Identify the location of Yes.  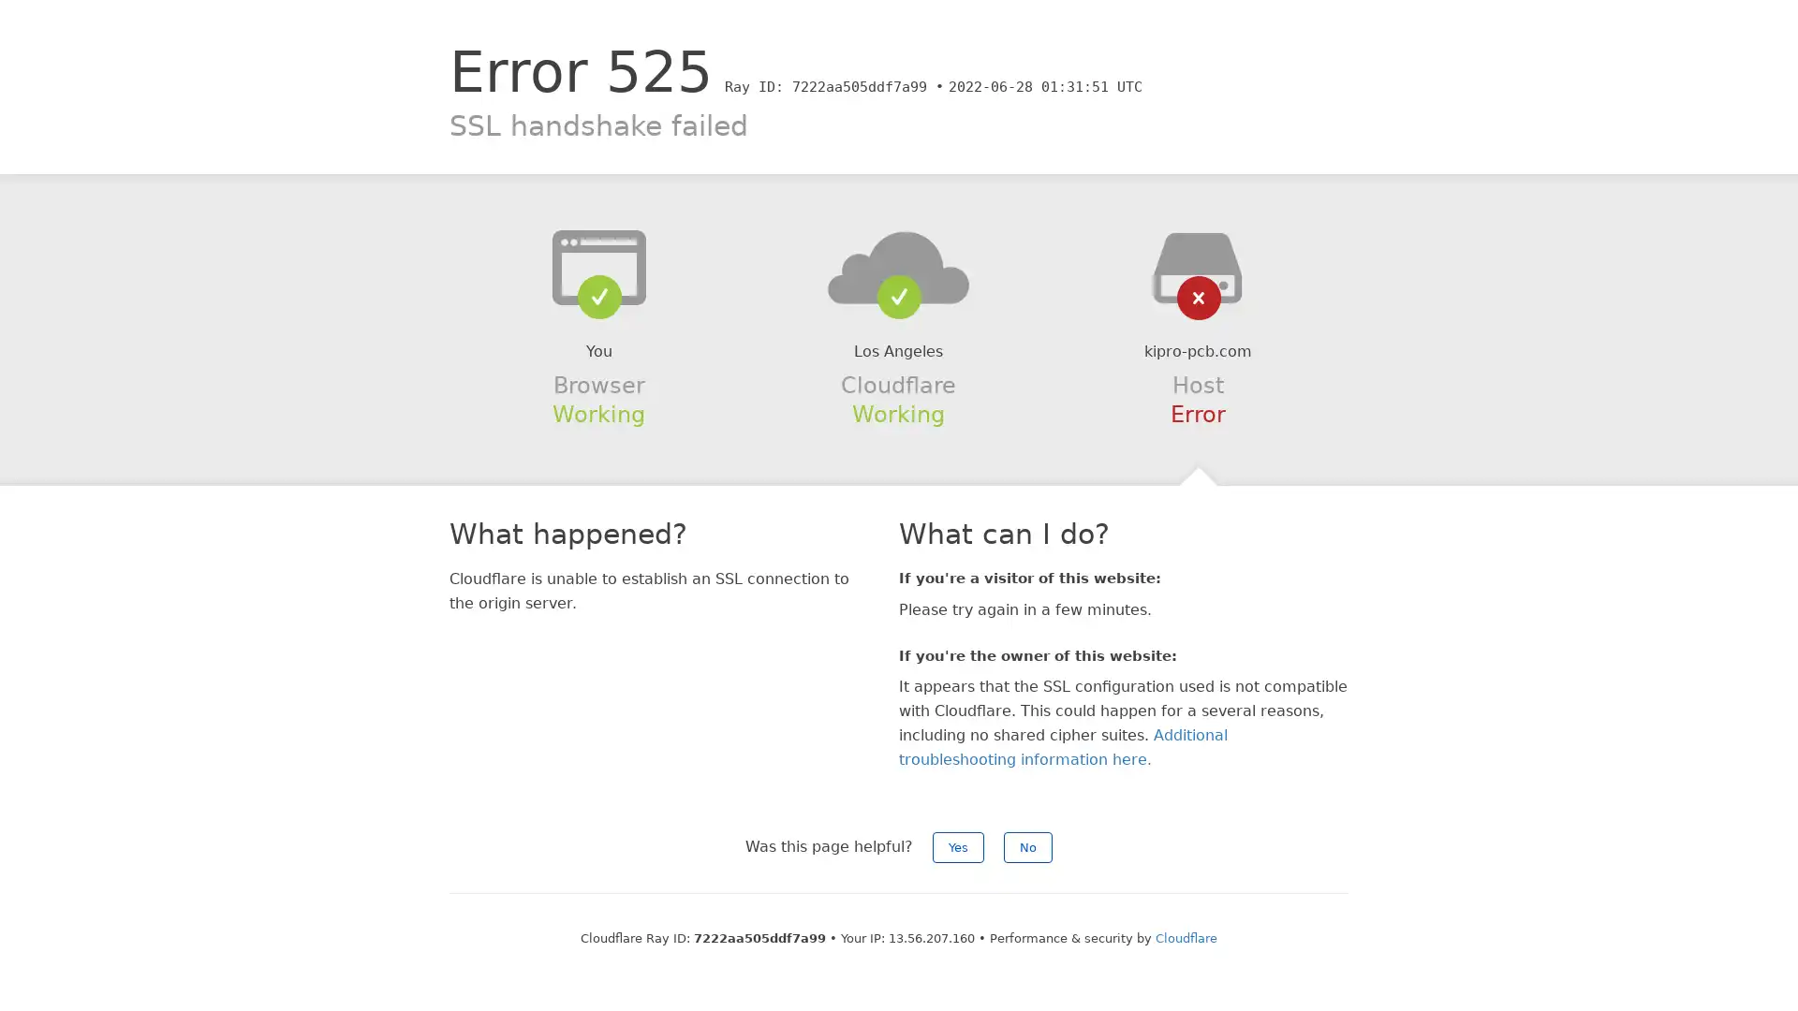
(958, 847).